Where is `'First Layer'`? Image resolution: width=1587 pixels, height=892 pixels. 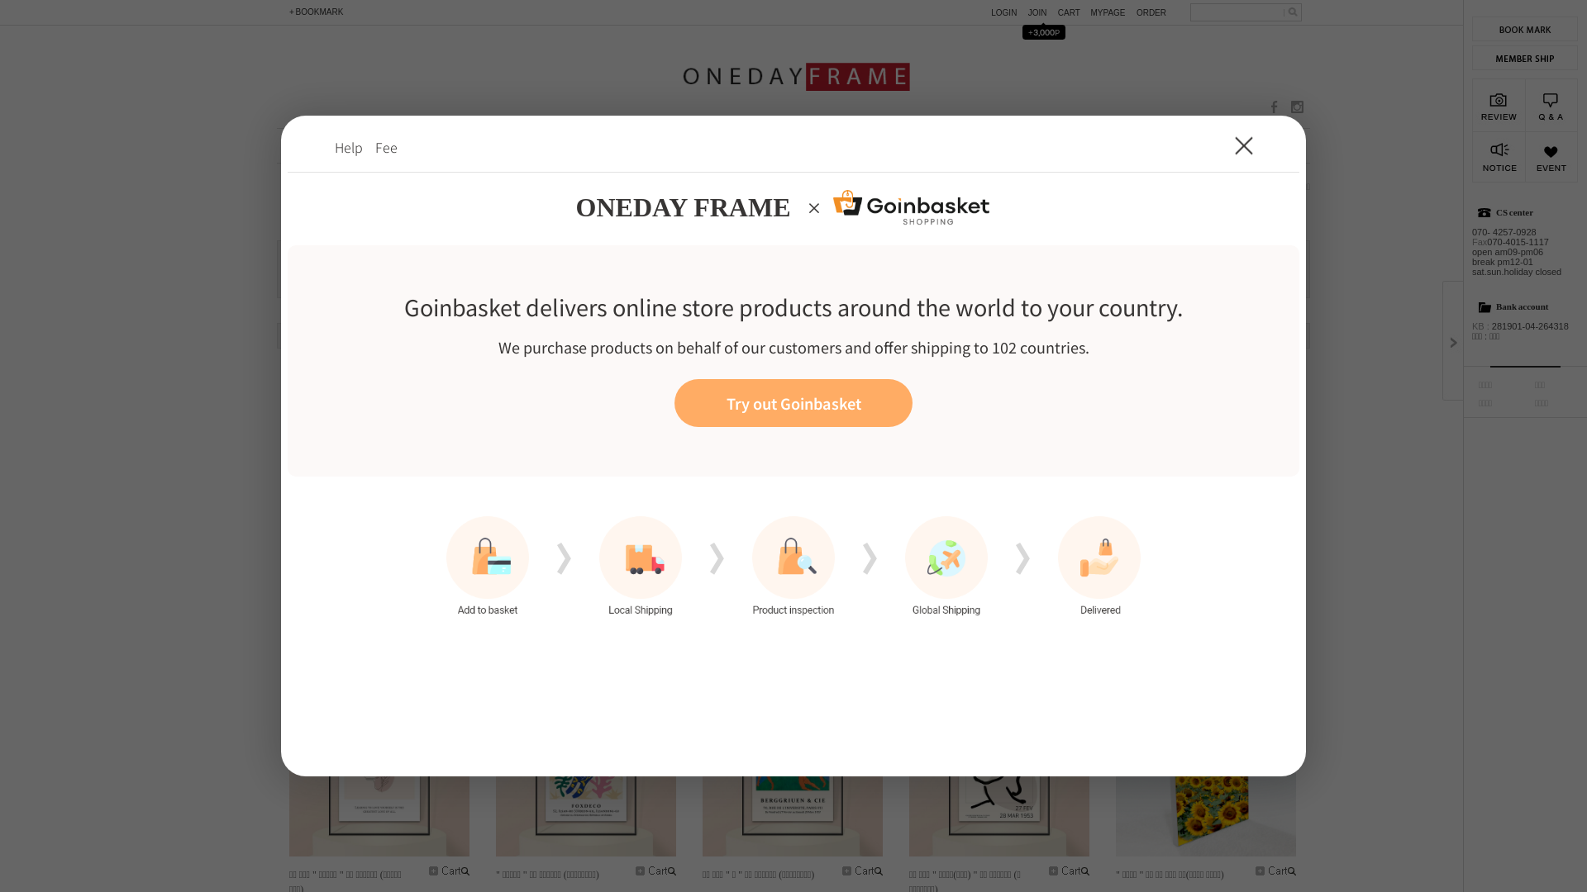 'First Layer' is located at coordinates (793, 446).